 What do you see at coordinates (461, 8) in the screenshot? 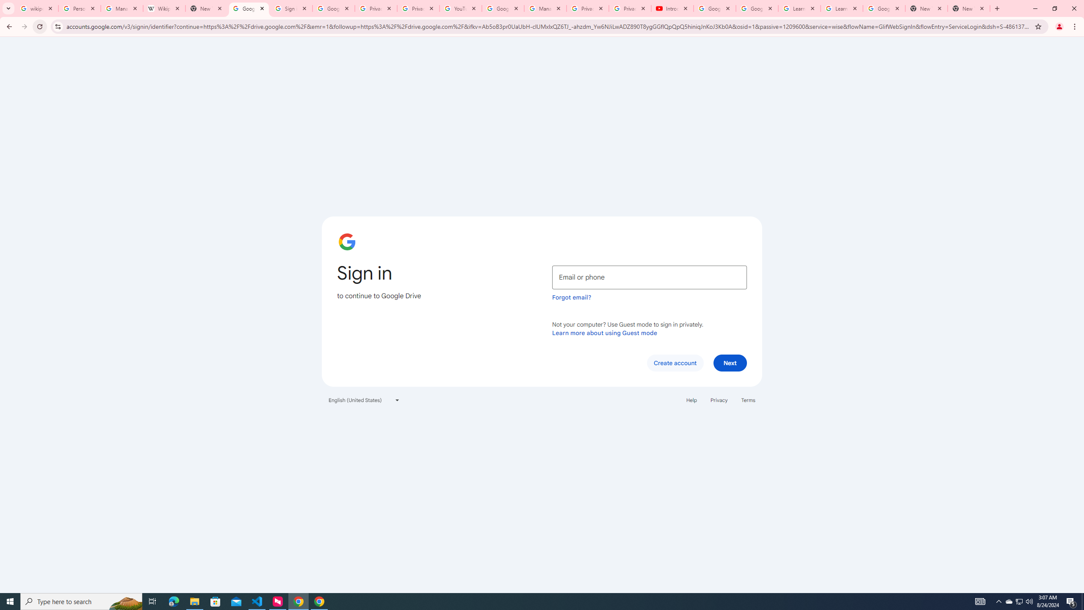
I see `'YouTube'` at bounding box center [461, 8].